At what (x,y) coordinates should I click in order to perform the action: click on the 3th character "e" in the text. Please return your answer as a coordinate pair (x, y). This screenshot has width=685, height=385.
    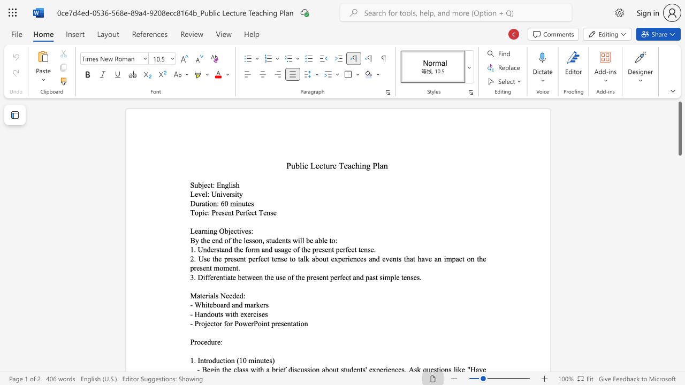
    Looking at the image, I should click on (290, 249).